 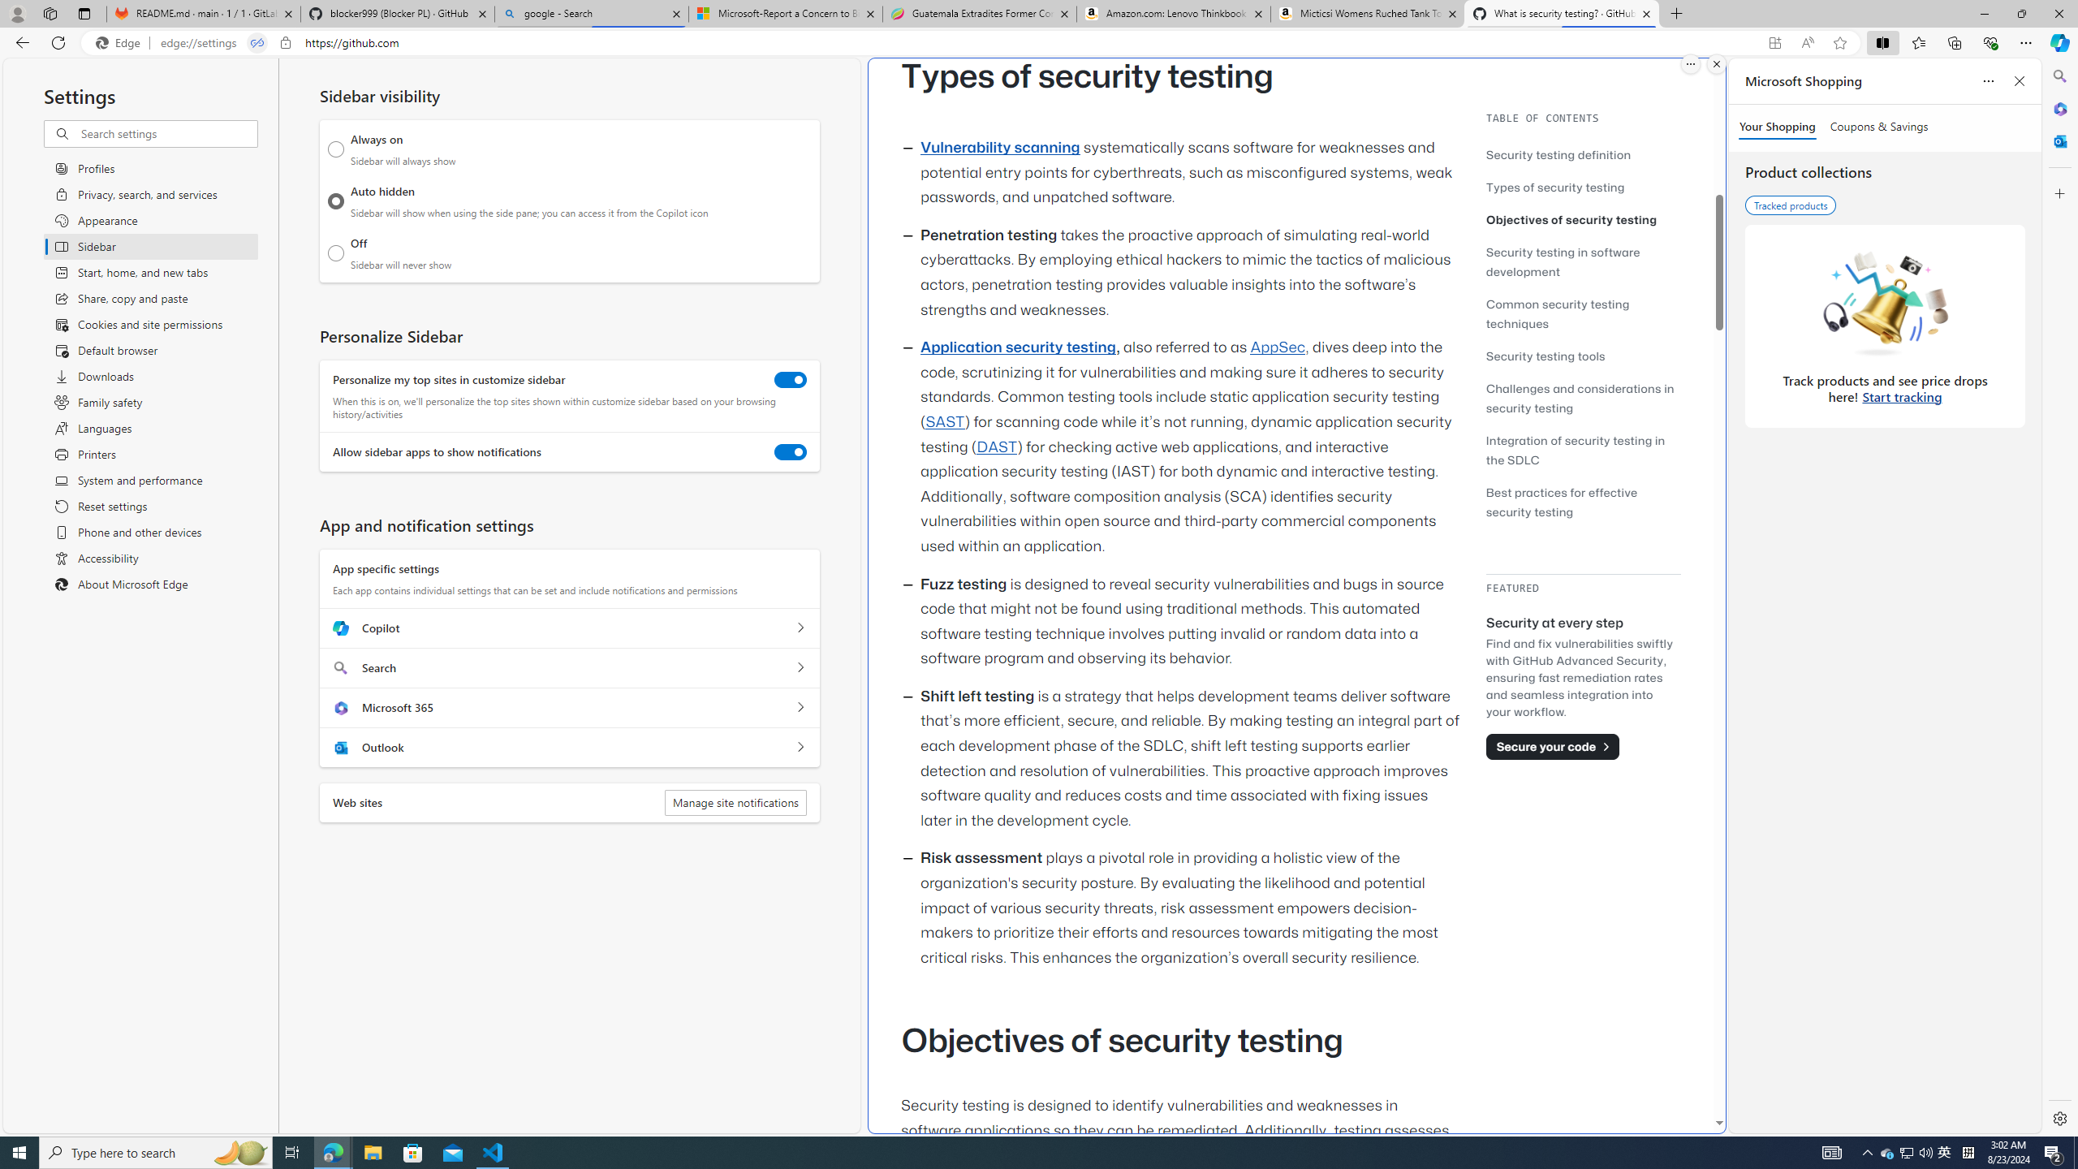 What do you see at coordinates (1582, 501) in the screenshot?
I see `'Best practices for effective security testing'` at bounding box center [1582, 501].